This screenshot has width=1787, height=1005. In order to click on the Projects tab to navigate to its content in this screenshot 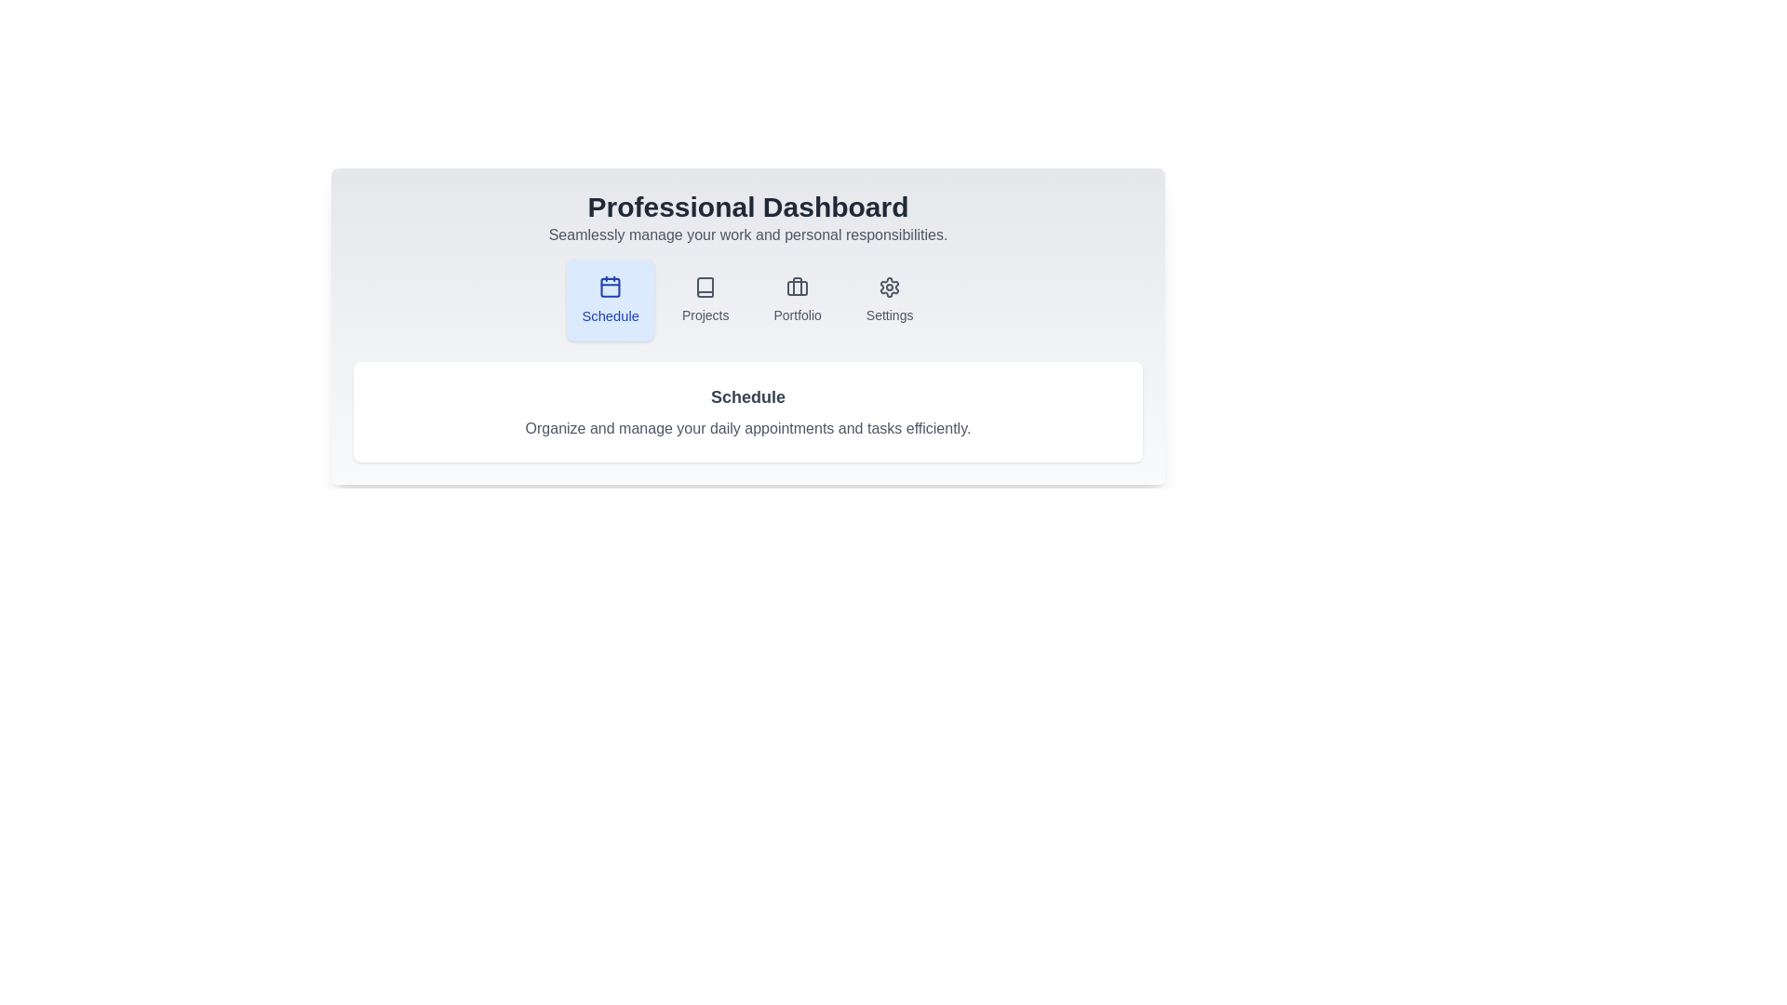, I will do `click(705, 300)`.